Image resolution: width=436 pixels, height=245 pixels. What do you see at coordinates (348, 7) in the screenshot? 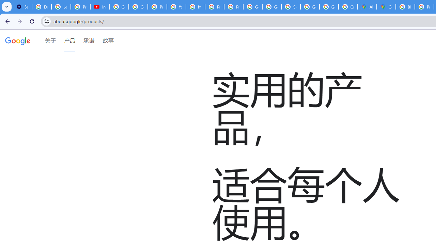
I see `'Create your Google Account'` at bounding box center [348, 7].